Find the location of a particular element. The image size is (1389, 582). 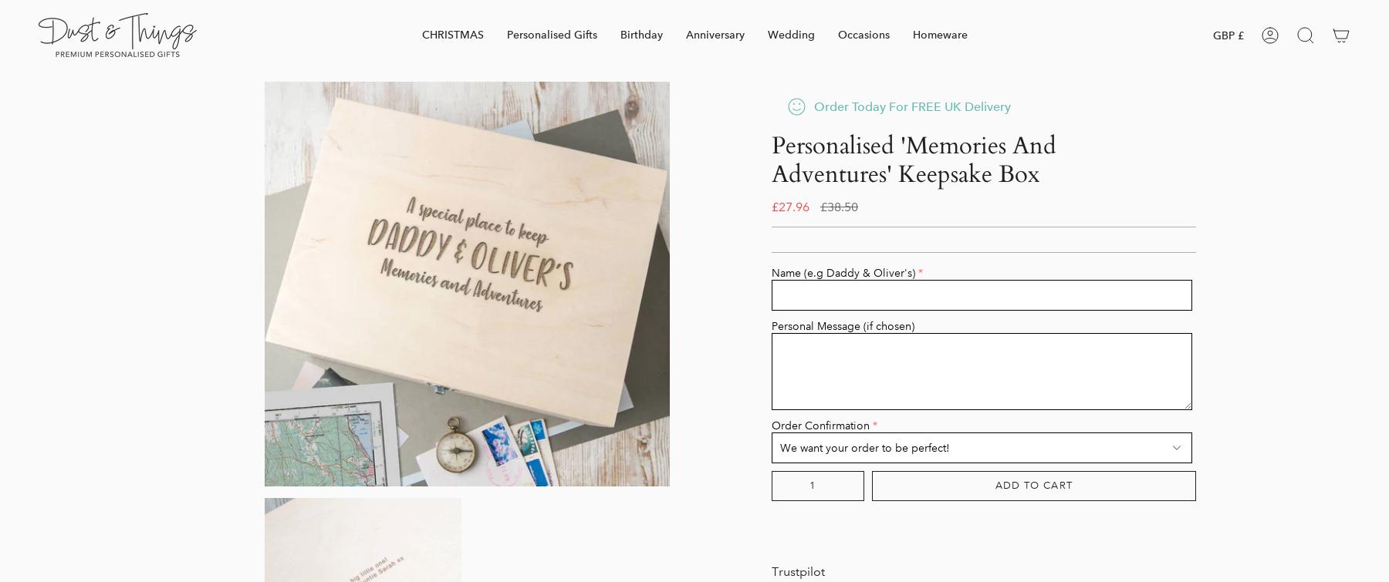

'Contact' is located at coordinates (60, 466).